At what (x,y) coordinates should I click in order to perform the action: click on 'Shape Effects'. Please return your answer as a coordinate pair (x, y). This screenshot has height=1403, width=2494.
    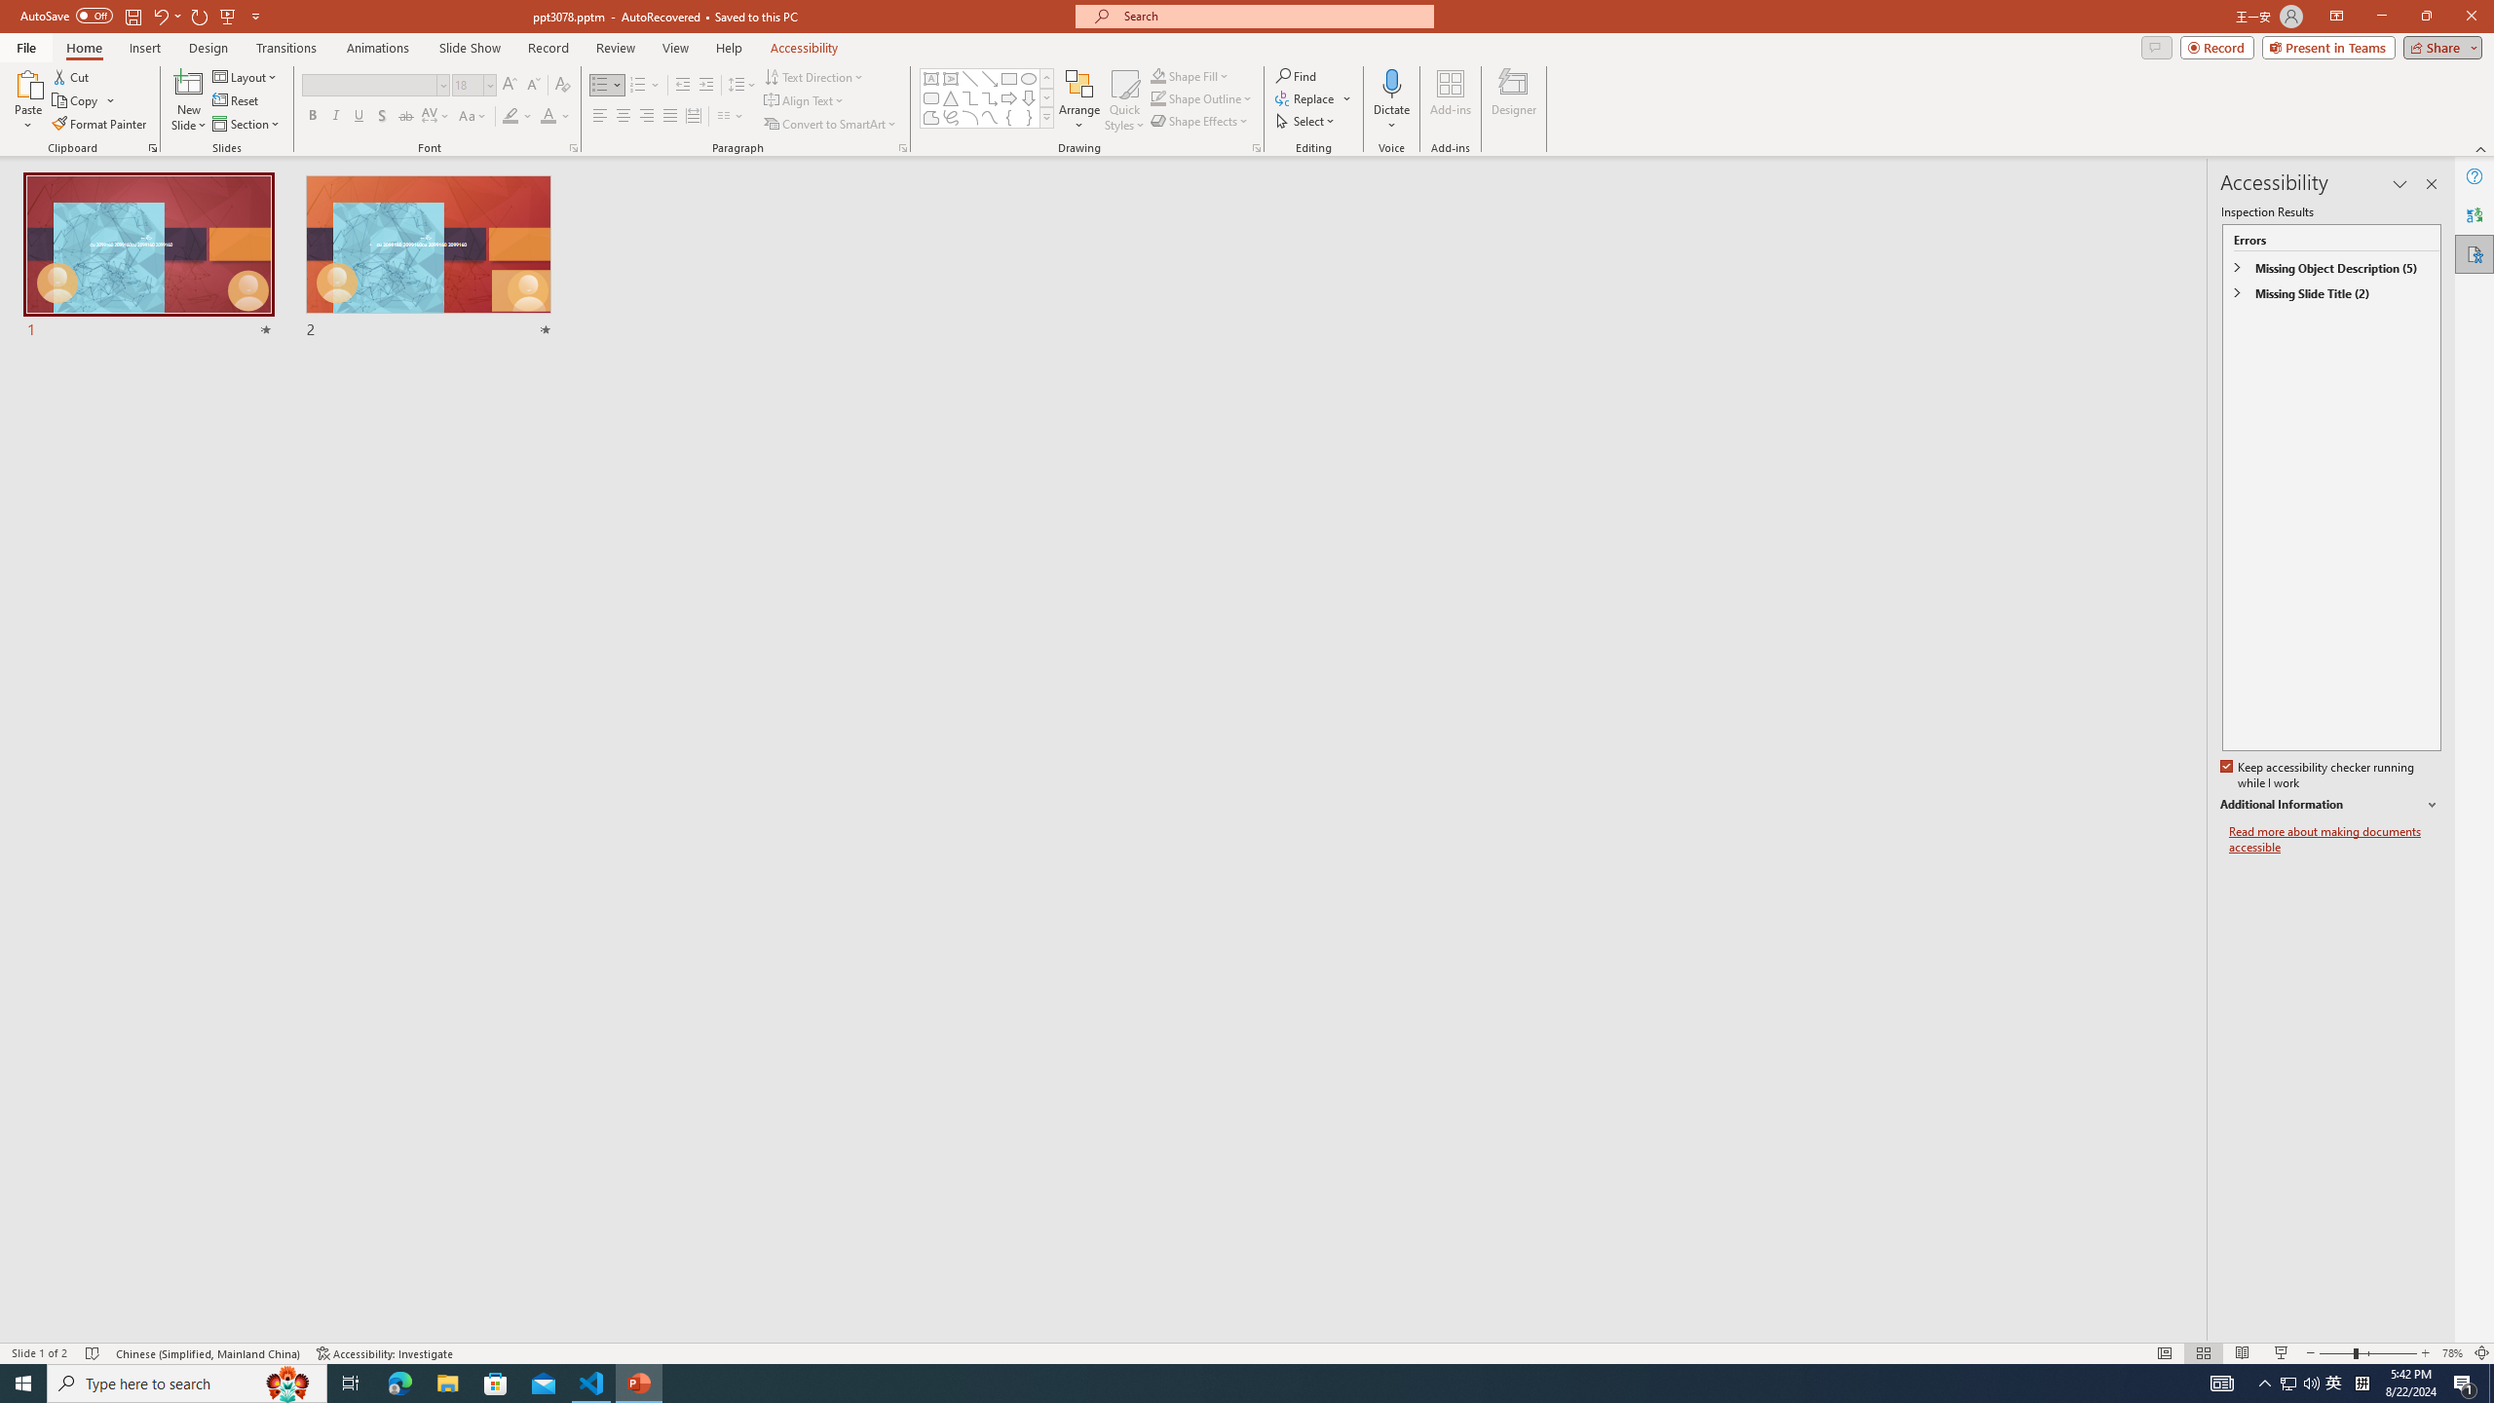
    Looking at the image, I should click on (1199, 119).